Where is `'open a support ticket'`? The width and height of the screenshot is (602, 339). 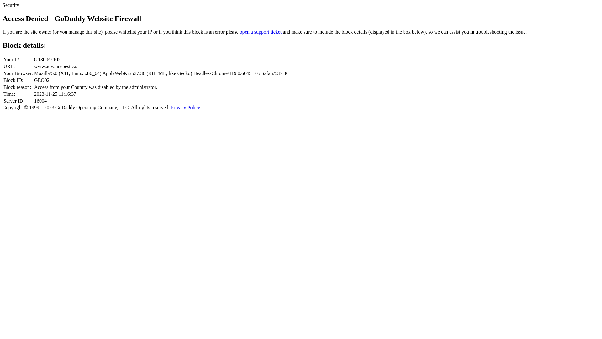 'open a support ticket' is located at coordinates (261, 32).